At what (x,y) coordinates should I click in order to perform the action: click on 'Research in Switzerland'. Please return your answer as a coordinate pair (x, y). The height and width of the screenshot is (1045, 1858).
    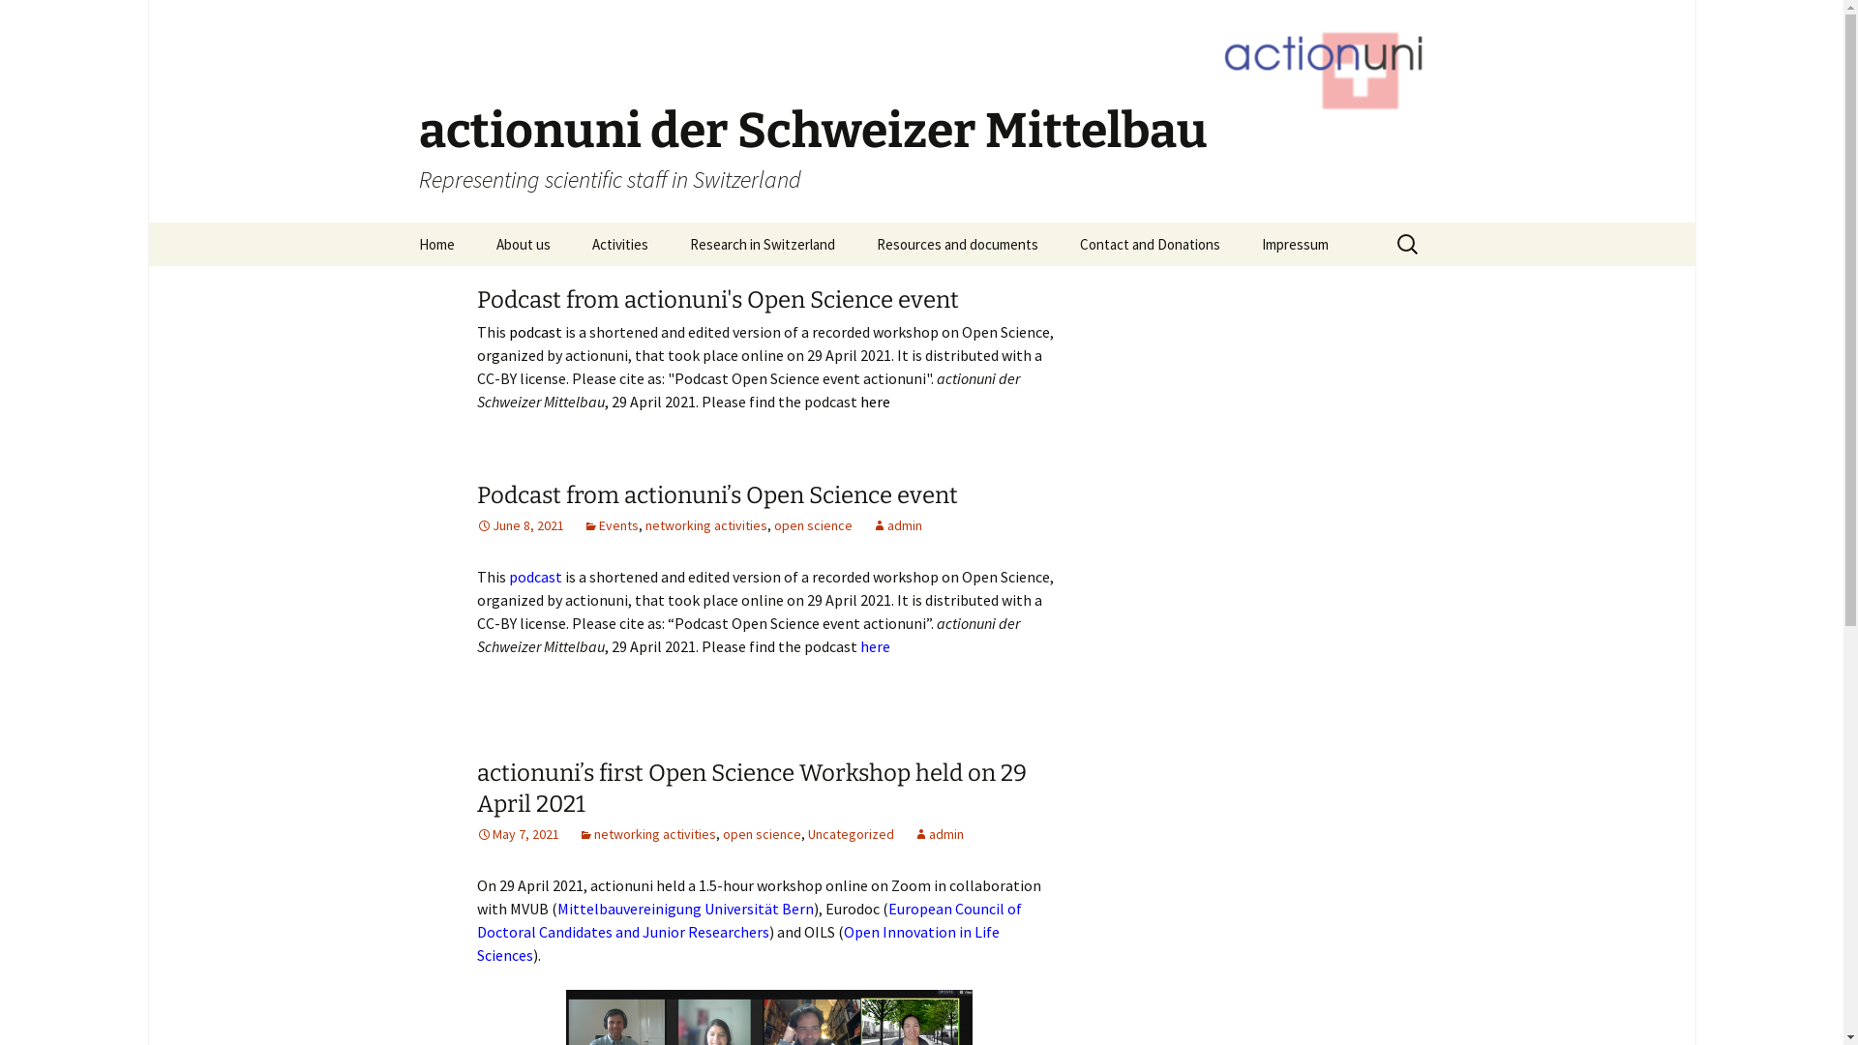
    Looking at the image, I should click on (761, 243).